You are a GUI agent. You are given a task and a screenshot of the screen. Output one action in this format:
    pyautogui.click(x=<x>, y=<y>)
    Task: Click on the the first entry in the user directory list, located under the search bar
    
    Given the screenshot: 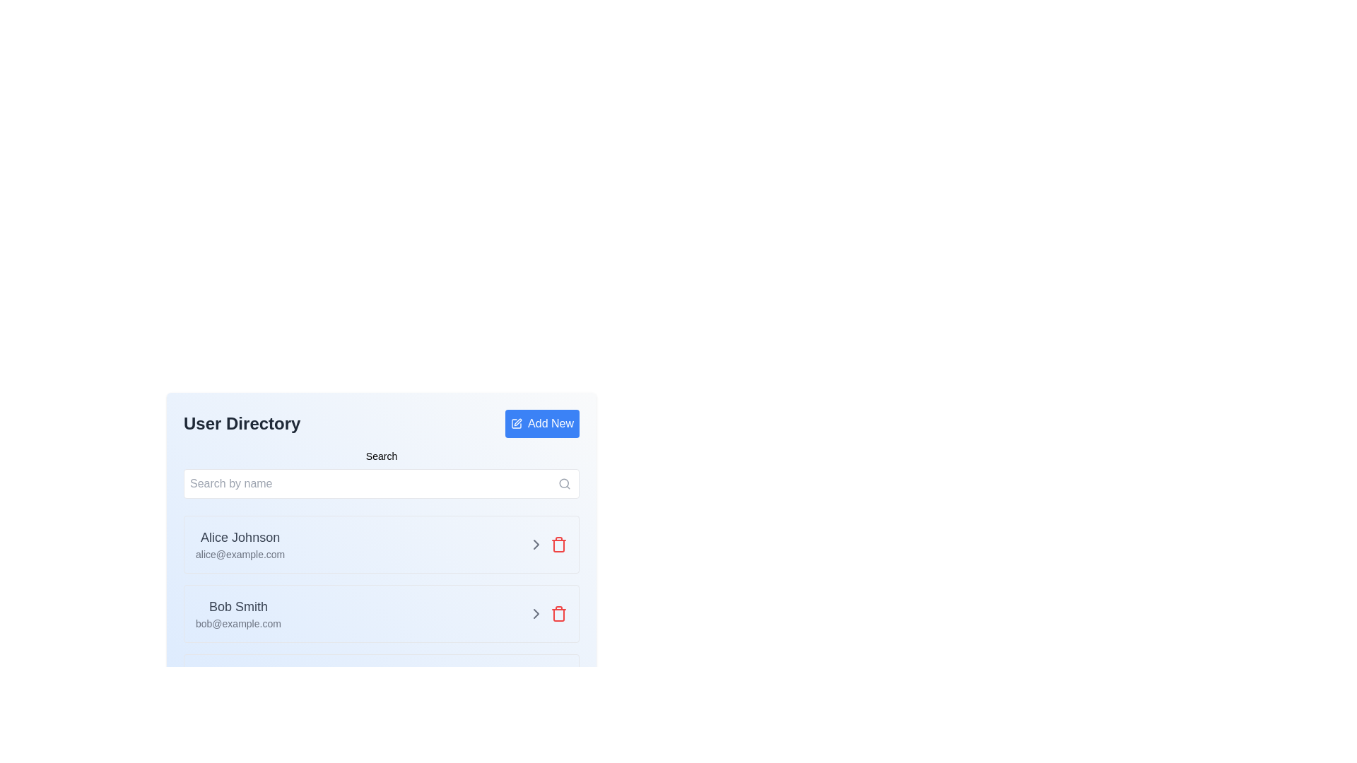 What is the action you would take?
    pyautogui.click(x=381, y=521)
    